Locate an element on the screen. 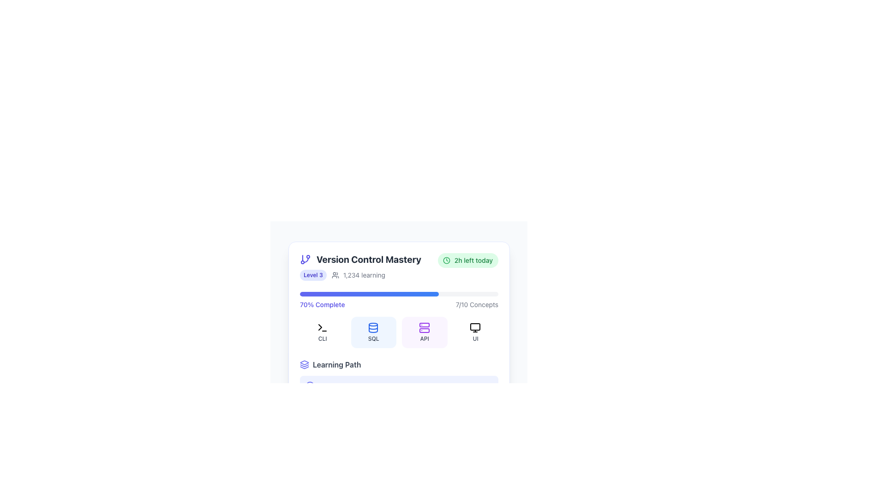  the informational label with the associated icon that provides the number of learners or participants for the course 'Version Control Mastery', located below the title and to the right of the 'Level 3' badge is located at coordinates (358, 275).